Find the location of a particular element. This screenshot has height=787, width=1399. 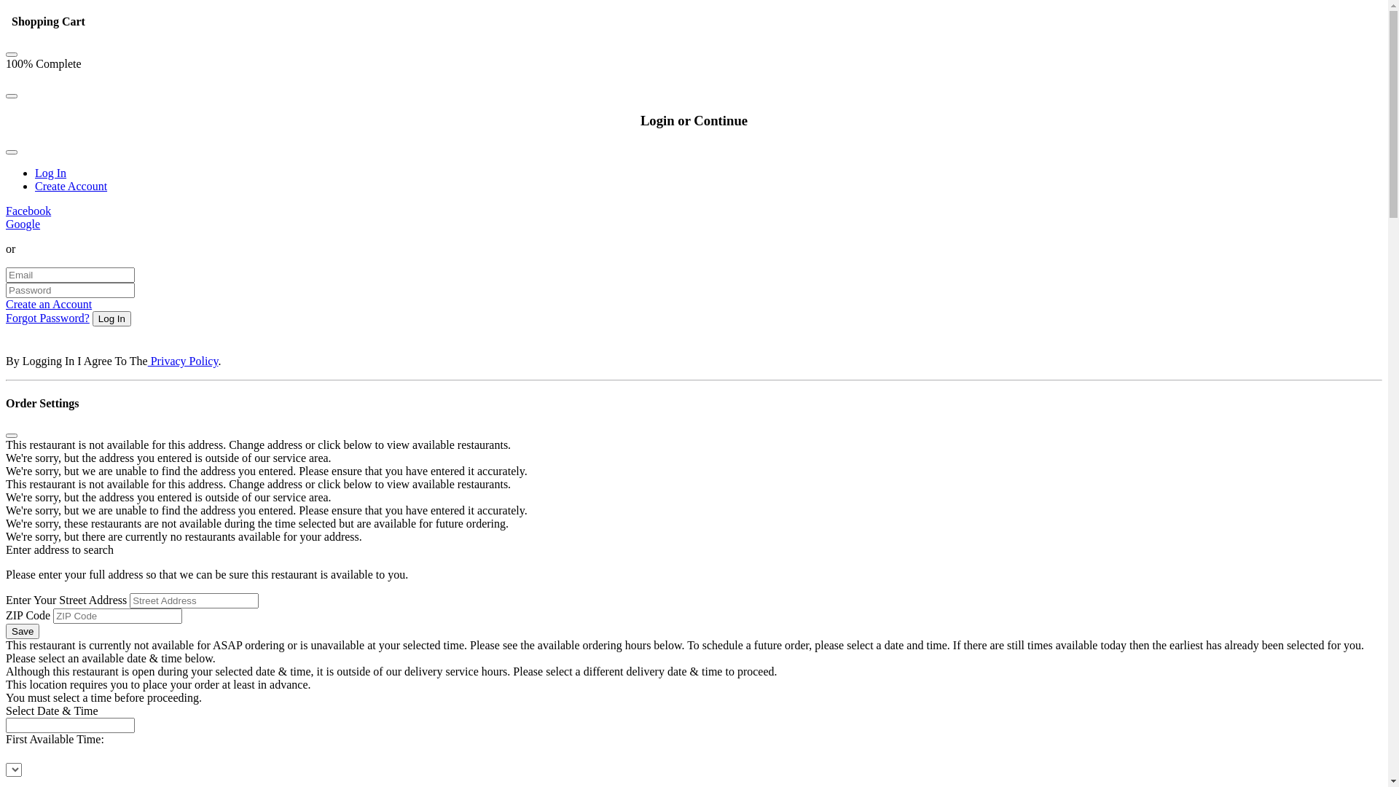

'Log In' is located at coordinates (111, 318).